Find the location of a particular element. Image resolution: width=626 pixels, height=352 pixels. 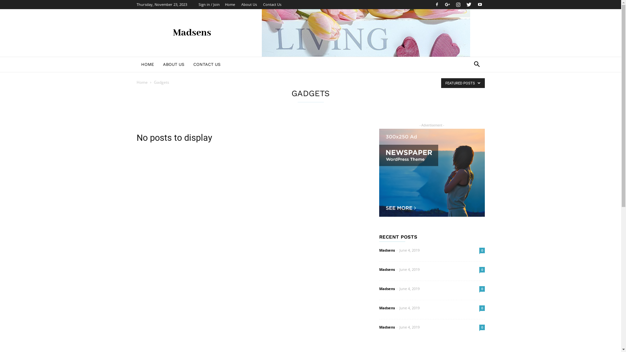

'Search' is located at coordinates (455, 90).